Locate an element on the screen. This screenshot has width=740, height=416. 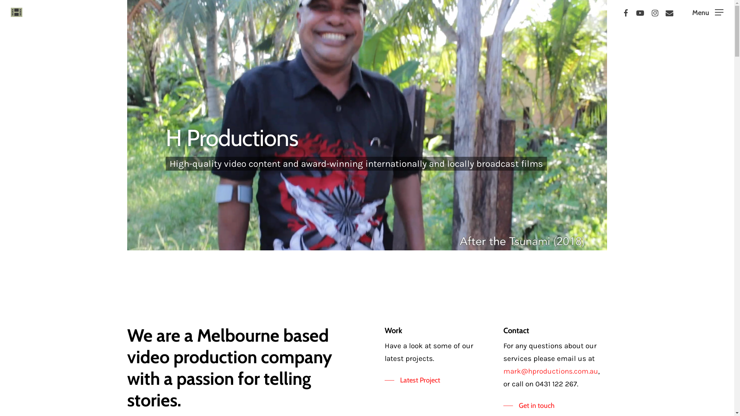
'facebook' is located at coordinates (625, 12).